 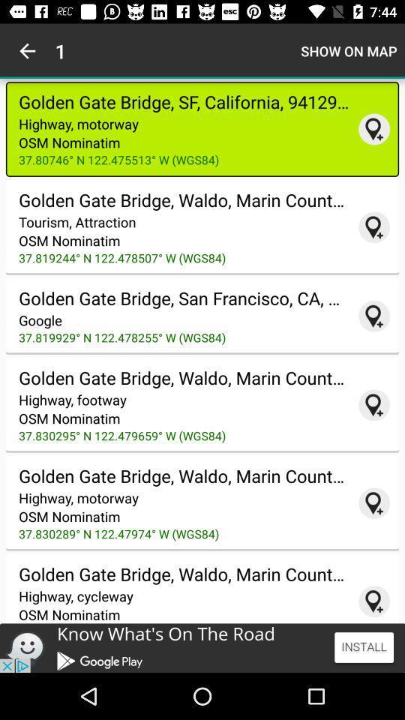 What do you see at coordinates (373, 128) in the screenshot?
I see `see location` at bounding box center [373, 128].